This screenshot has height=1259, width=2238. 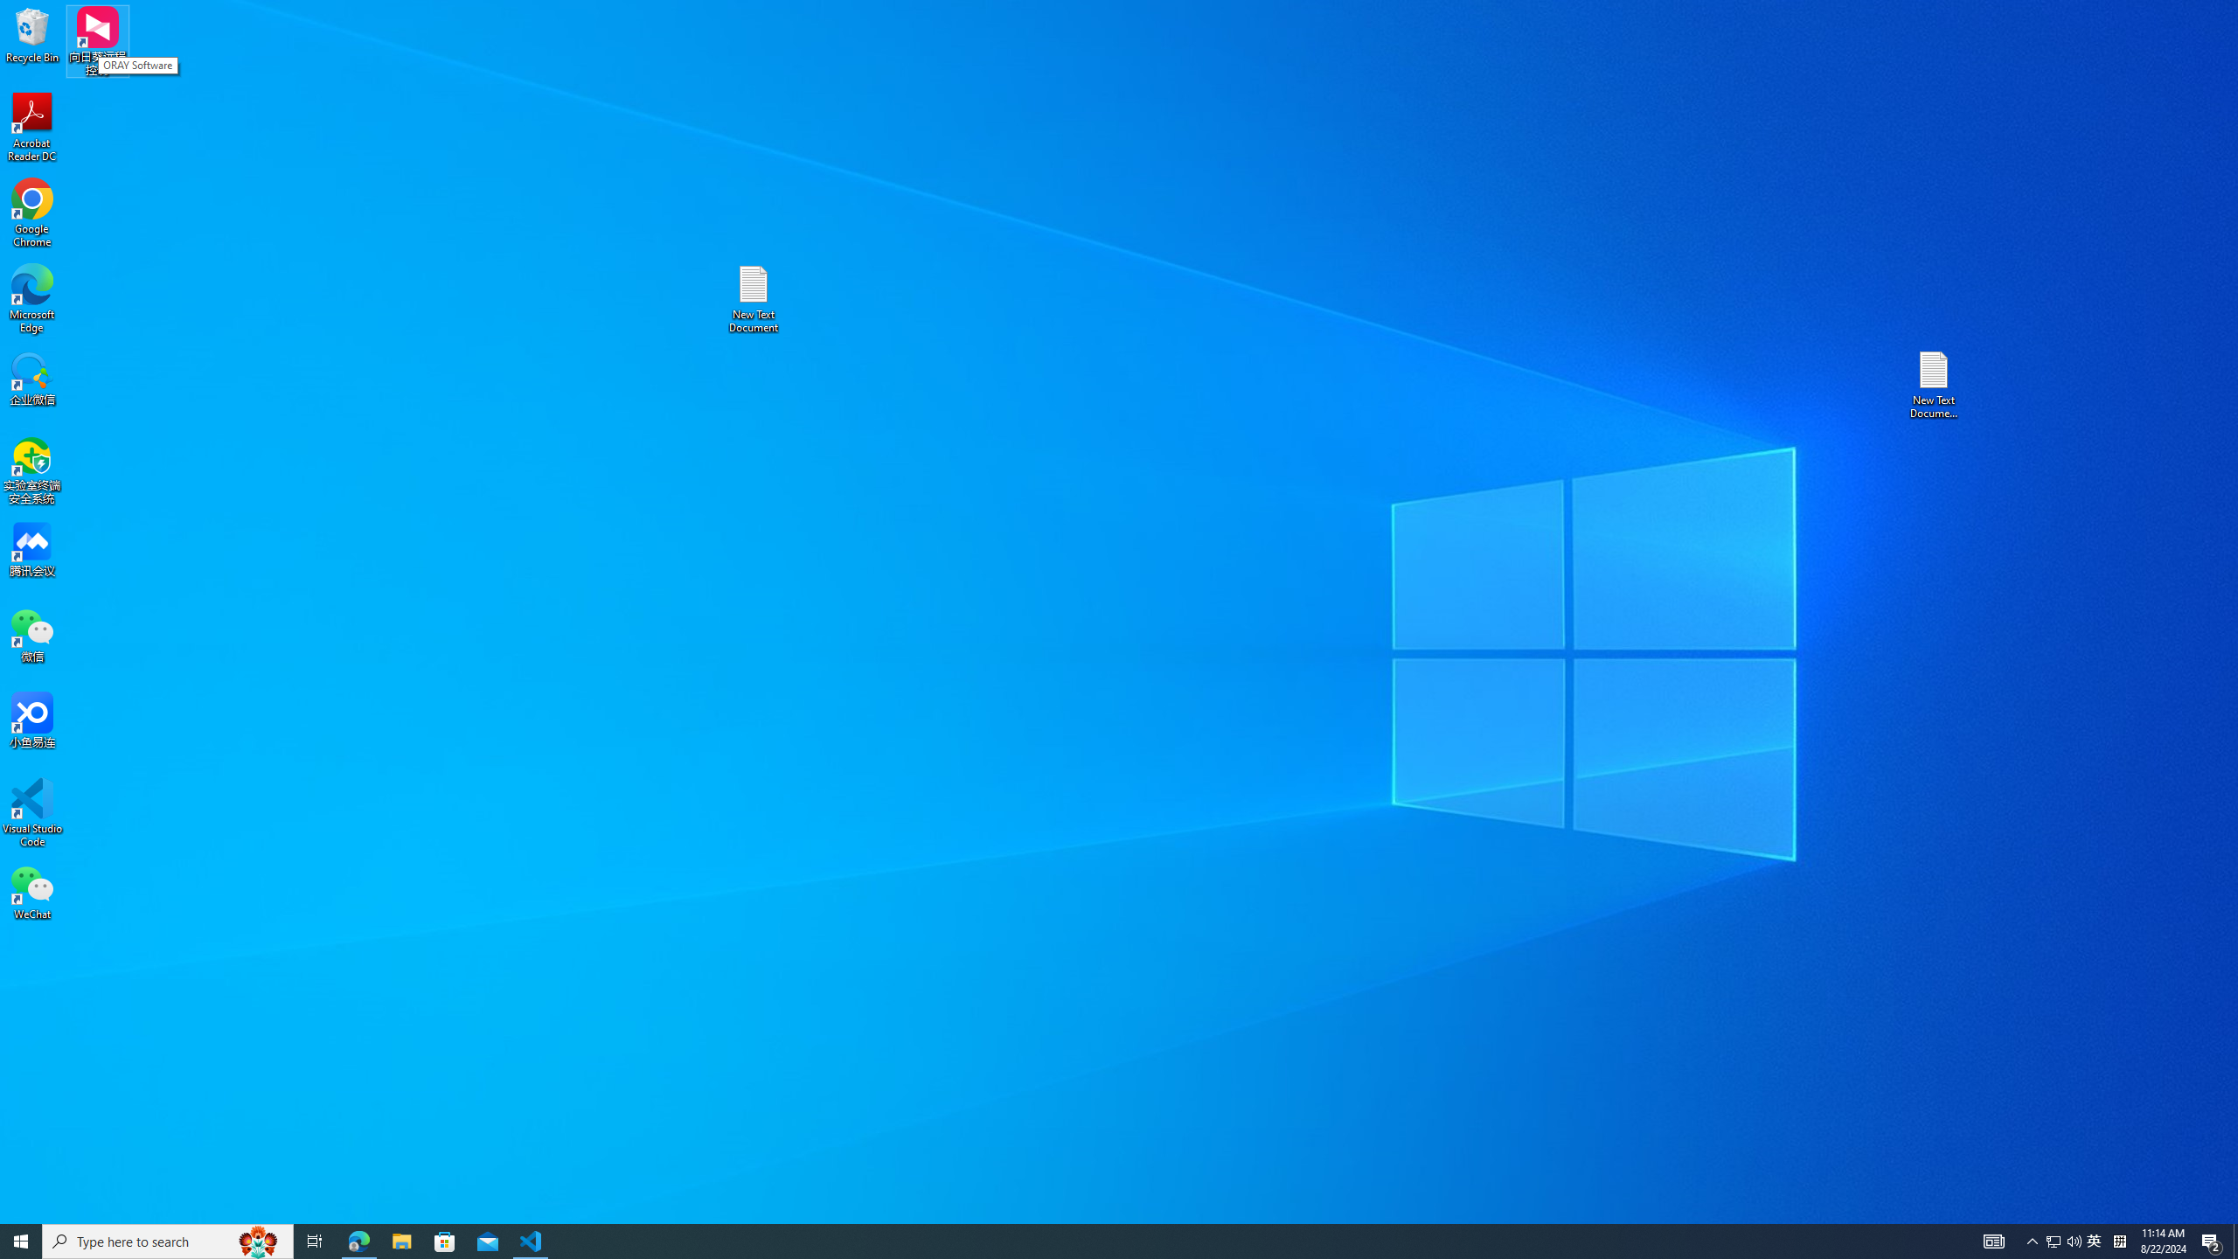 I want to click on 'Recycle Bin', so click(x=31, y=33).